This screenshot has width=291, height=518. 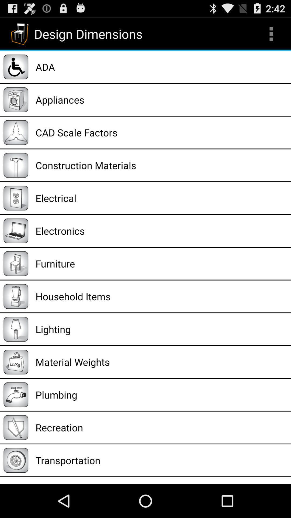 I want to click on plumbing app, so click(x=161, y=395).